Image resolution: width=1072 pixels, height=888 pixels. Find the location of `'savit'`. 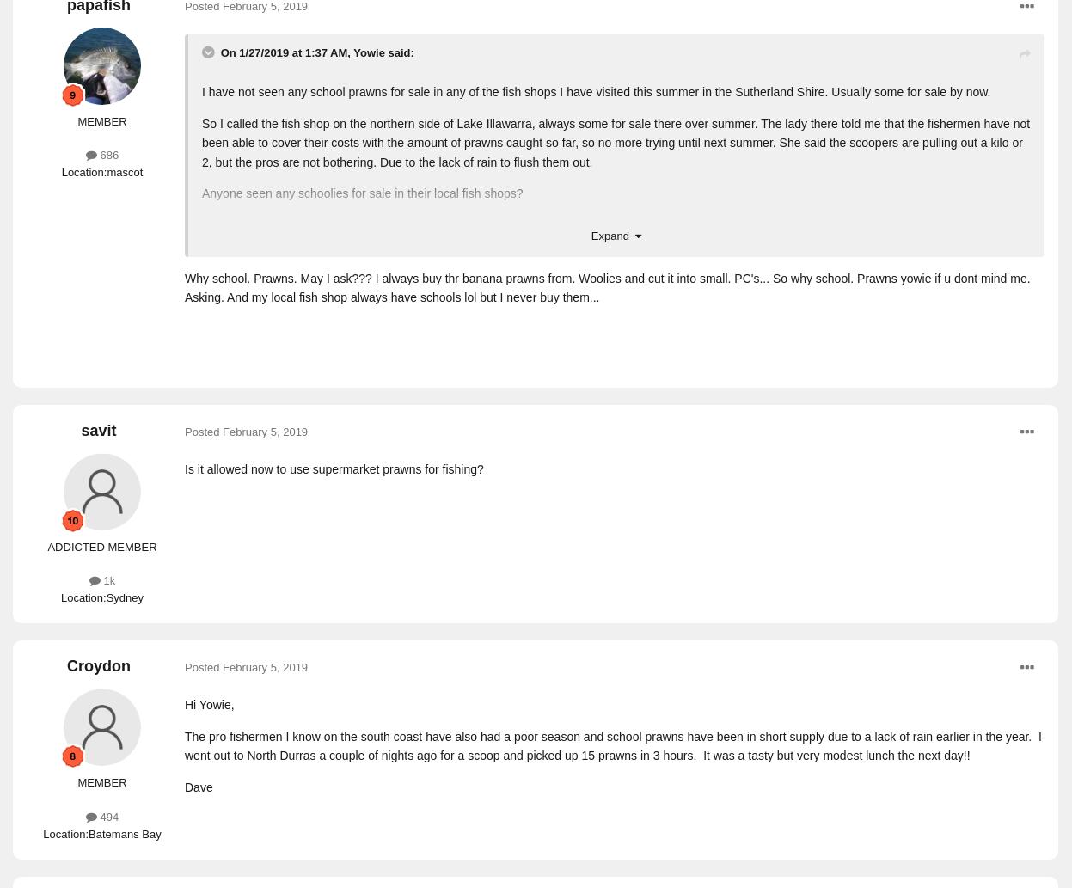

'savit' is located at coordinates (98, 429).